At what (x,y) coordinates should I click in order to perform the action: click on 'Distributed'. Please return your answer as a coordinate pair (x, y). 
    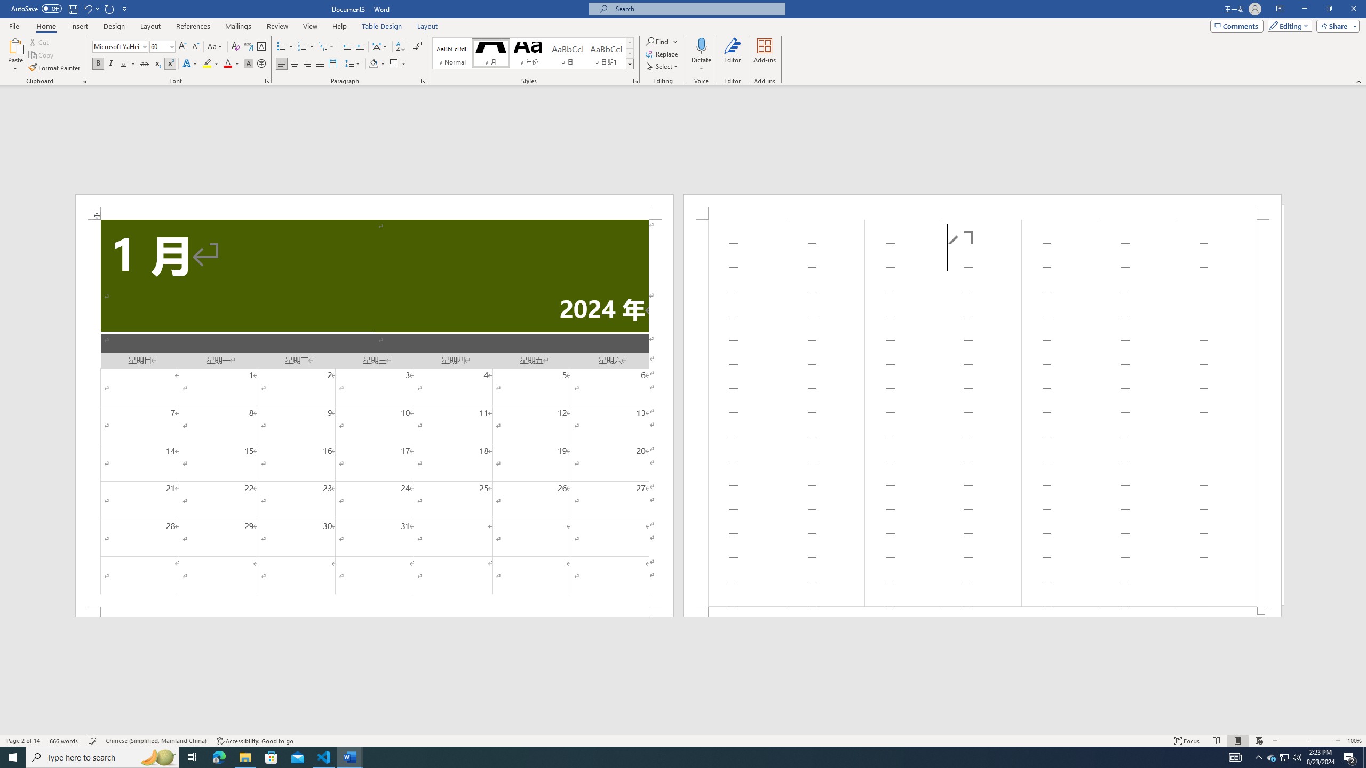
    Looking at the image, I should click on (332, 63).